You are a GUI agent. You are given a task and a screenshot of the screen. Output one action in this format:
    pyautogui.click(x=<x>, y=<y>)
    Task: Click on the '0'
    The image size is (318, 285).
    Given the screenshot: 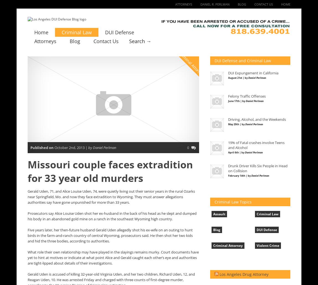 What is the action you would take?
    pyautogui.click(x=188, y=147)
    